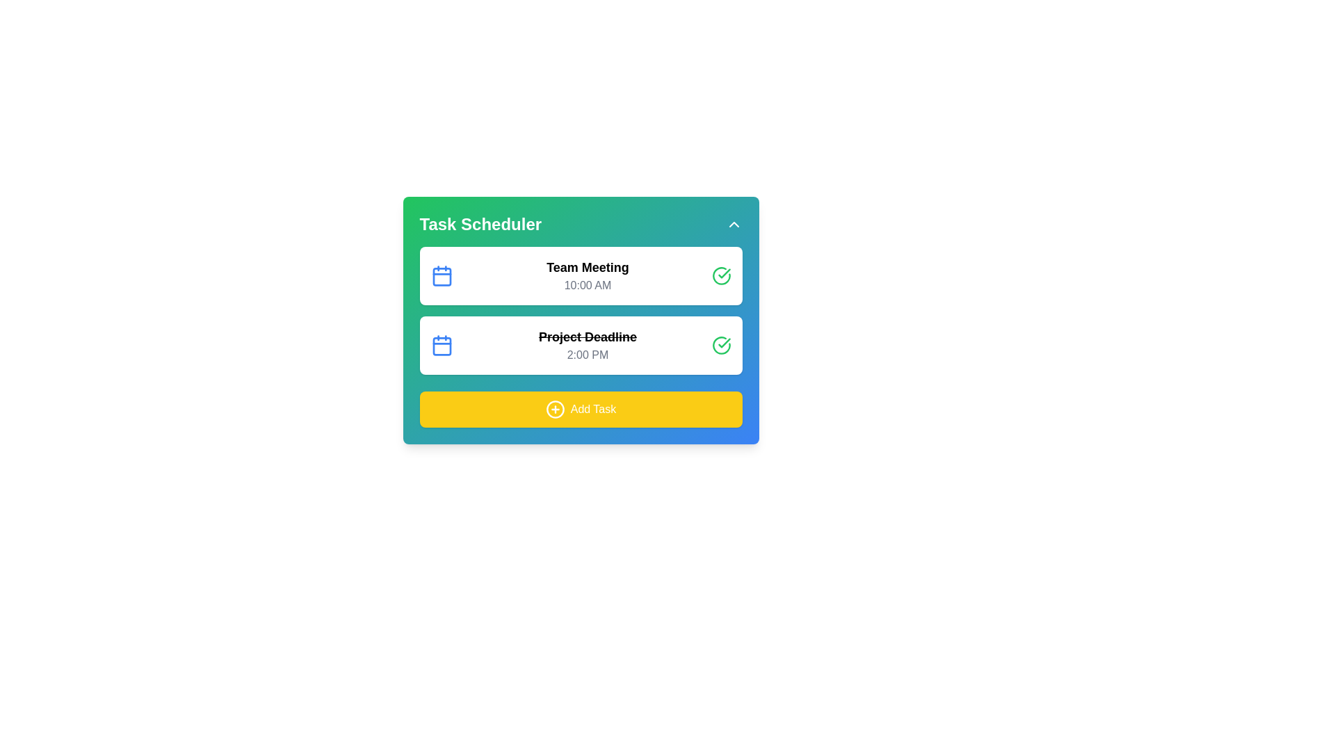 The image size is (1335, 751). I want to click on the label displaying the time for the 'Team Meeting' task entry, which is located under the 'Team Meeting' header in the 'Task Scheduler' interface, so click(588, 285).